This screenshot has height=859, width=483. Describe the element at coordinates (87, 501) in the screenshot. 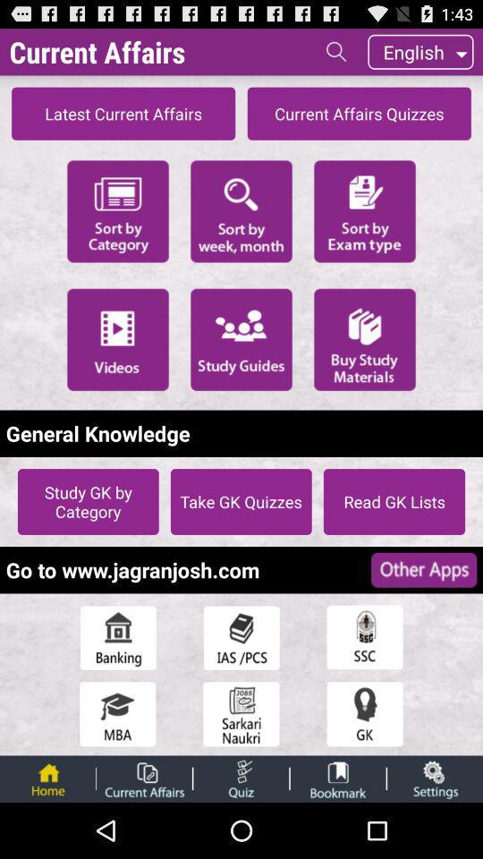

I see `icon below the general knowledge item` at that location.